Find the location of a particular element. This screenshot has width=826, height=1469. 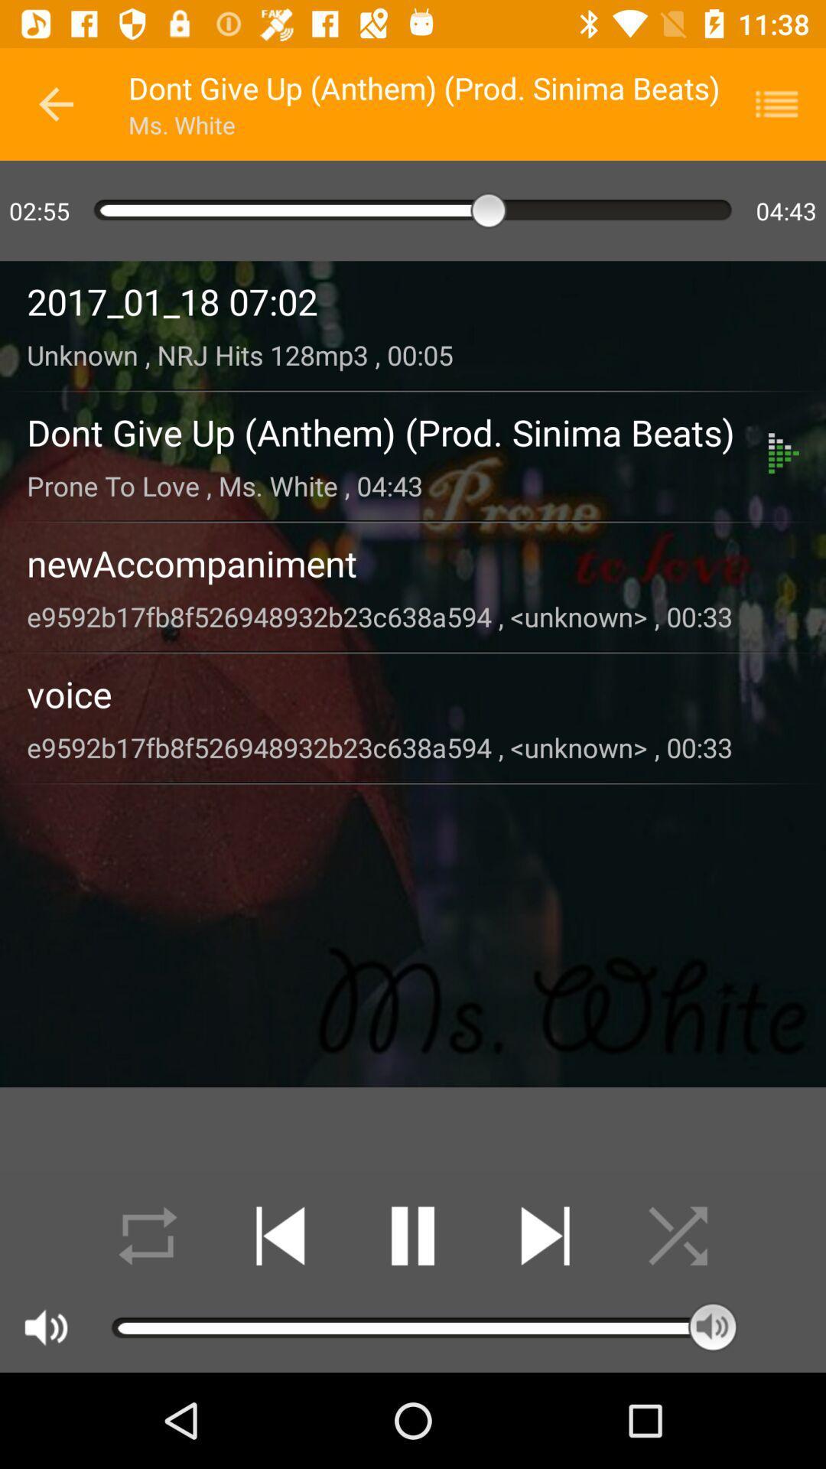

menu is located at coordinates (786, 103).